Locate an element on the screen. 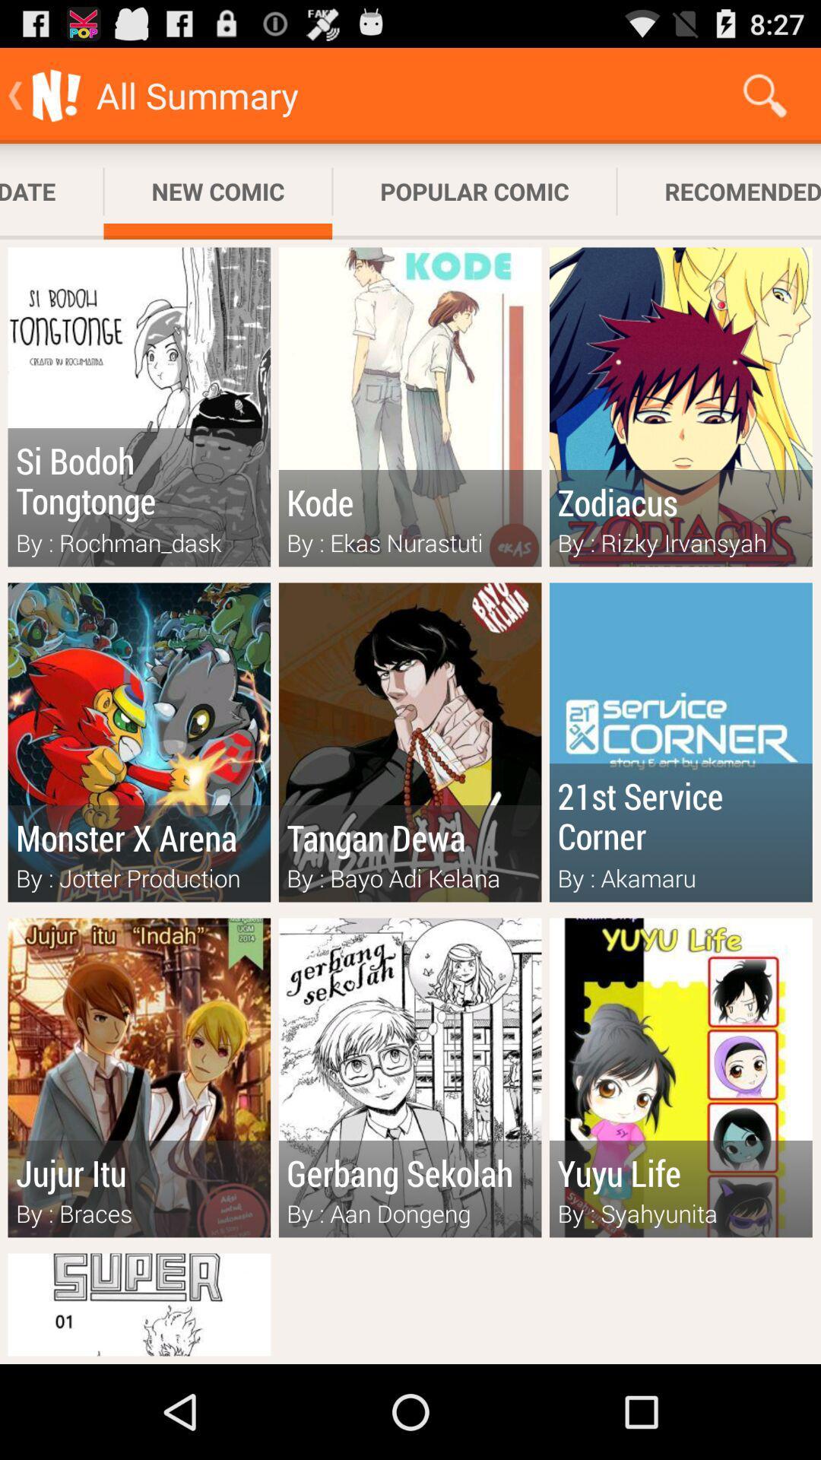 The image size is (821, 1460). the new comic is located at coordinates (217, 191).